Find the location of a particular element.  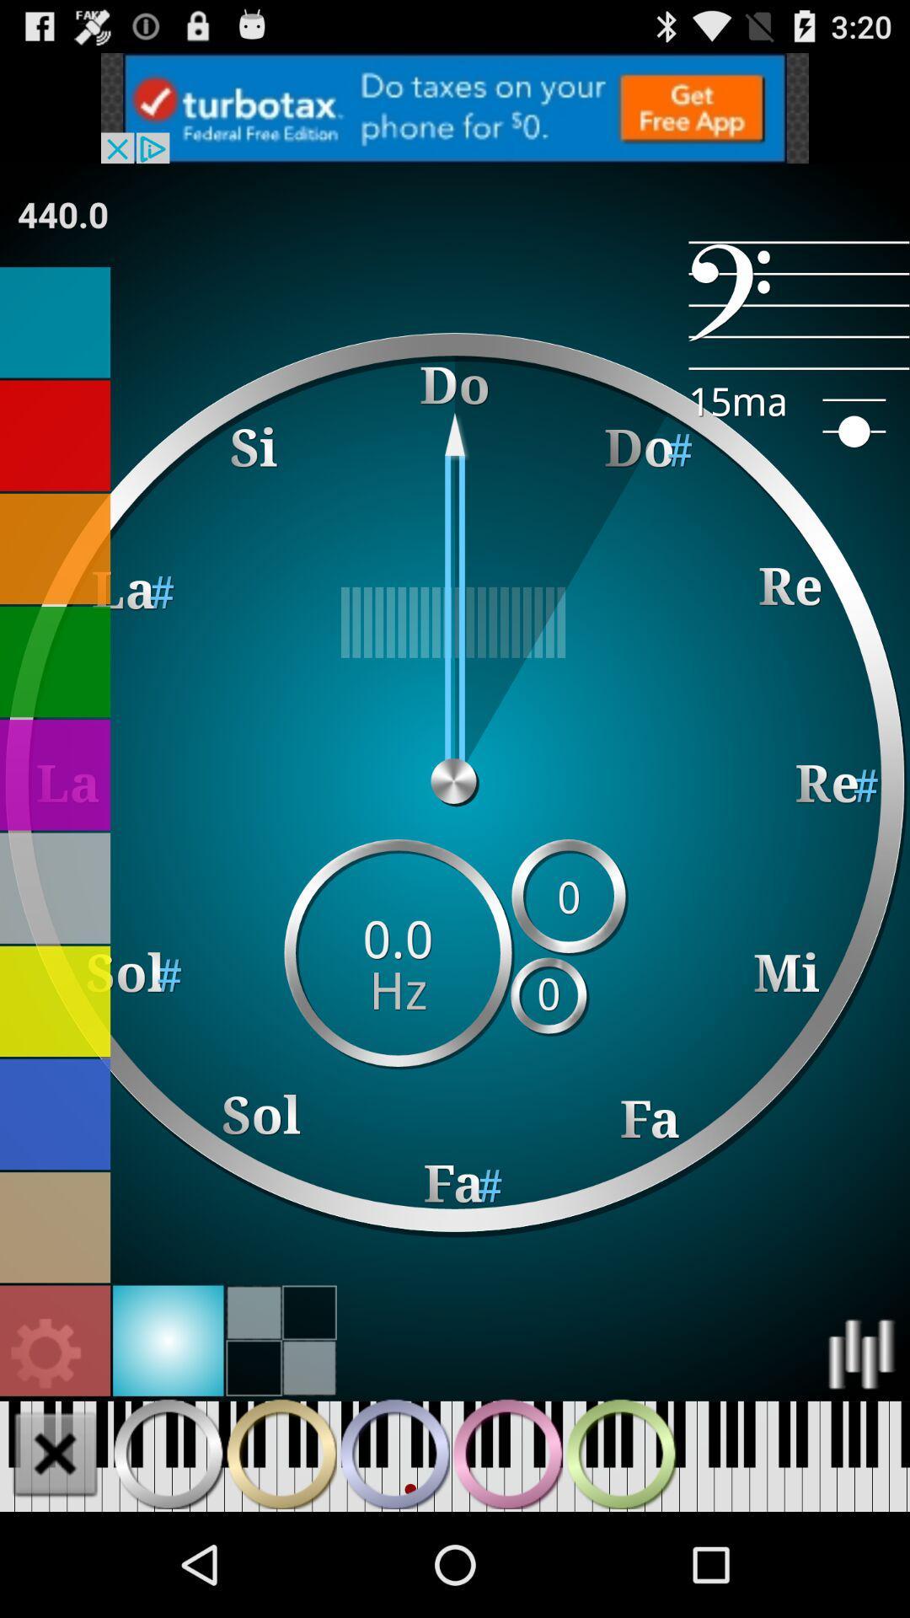

press to select tune is located at coordinates (54, 774).